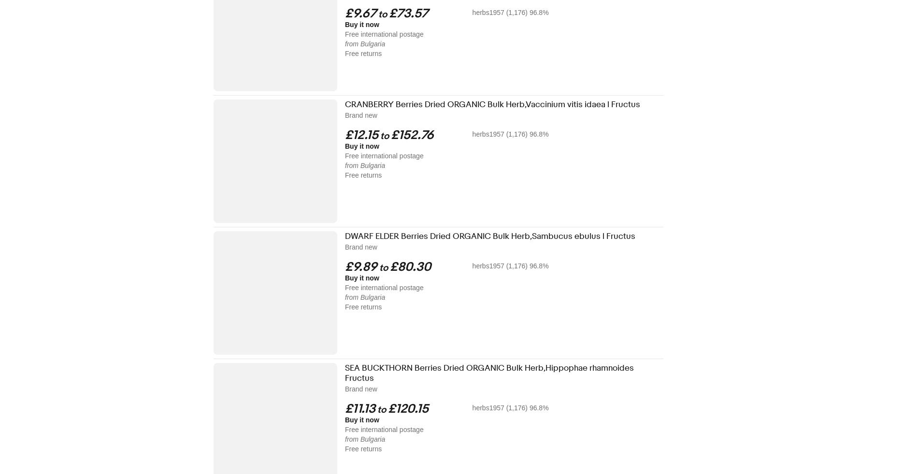  I want to click on '£120.15', so click(407, 409).